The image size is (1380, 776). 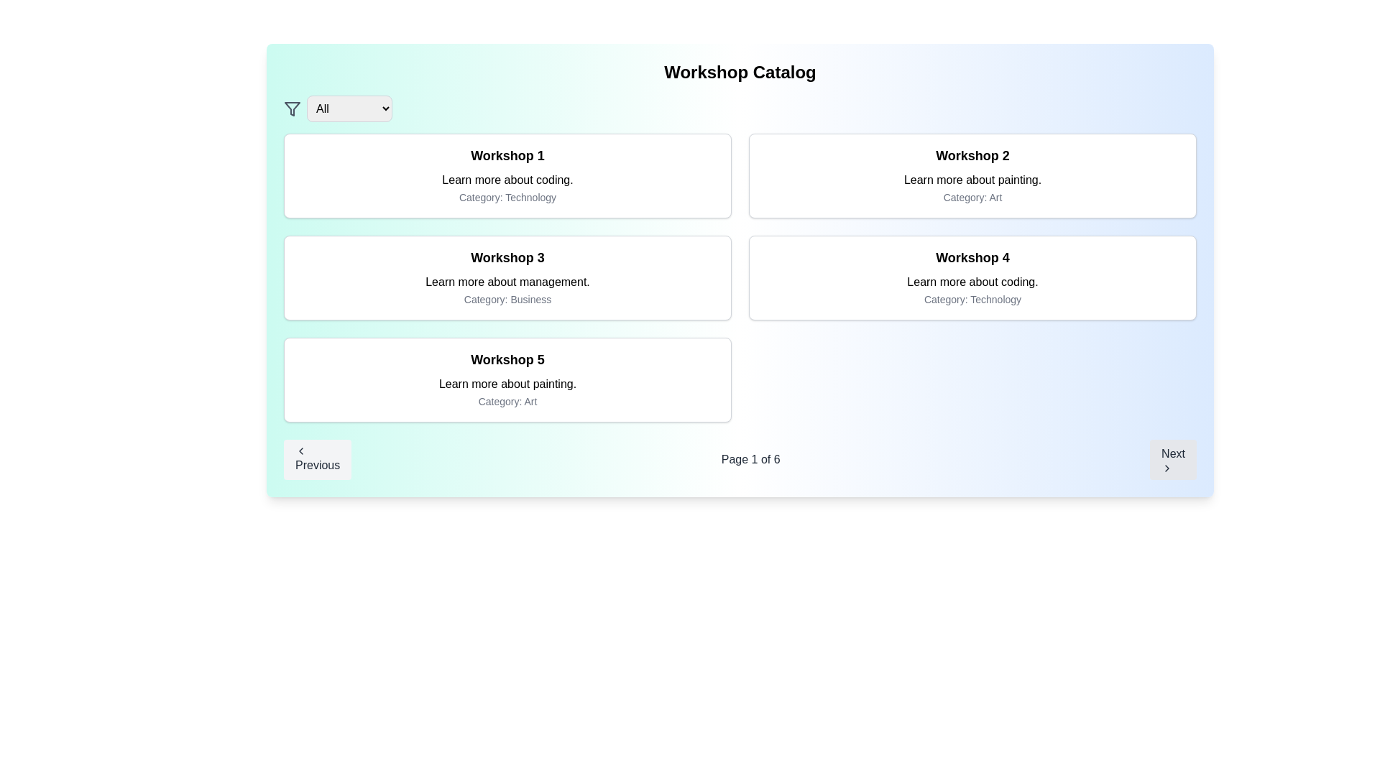 What do you see at coordinates (972, 179) in the screenshot?
I see `the textual descriptor for 'Workshop 2' that explains its focus on painting, positioned directly under 'Workshop 2' and above 'Category: Art.'` at bounding box center [972, 179].